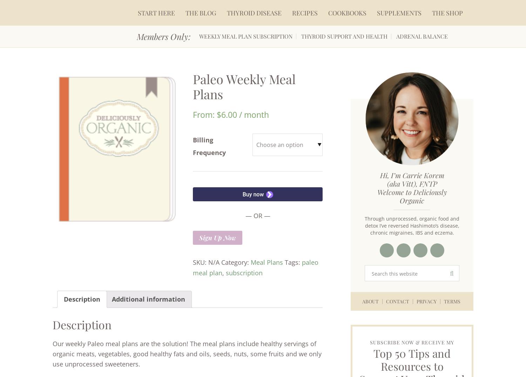 The image size is (526, 377). I want to click on 'Adrenal Balance', so click(422, 36).